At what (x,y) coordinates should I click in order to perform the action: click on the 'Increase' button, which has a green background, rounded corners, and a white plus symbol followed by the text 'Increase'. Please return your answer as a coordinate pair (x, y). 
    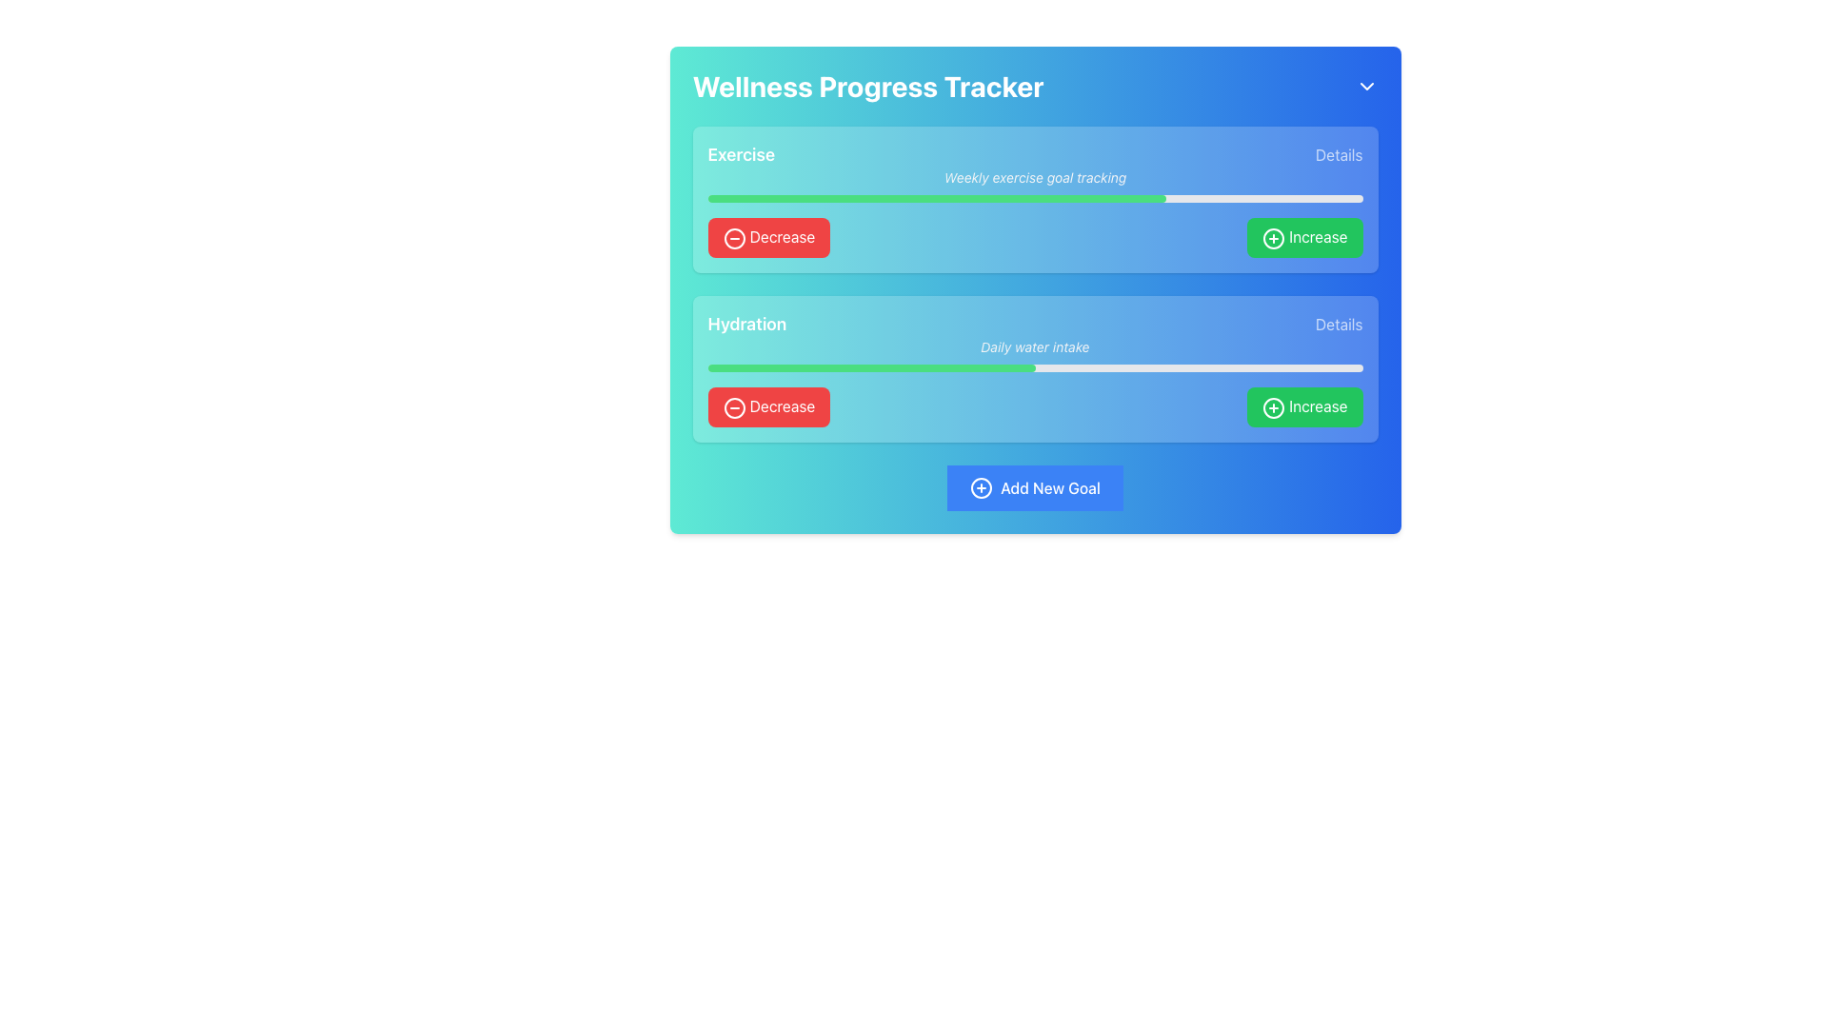
    Looking at the image, I should click on (1303, 236).